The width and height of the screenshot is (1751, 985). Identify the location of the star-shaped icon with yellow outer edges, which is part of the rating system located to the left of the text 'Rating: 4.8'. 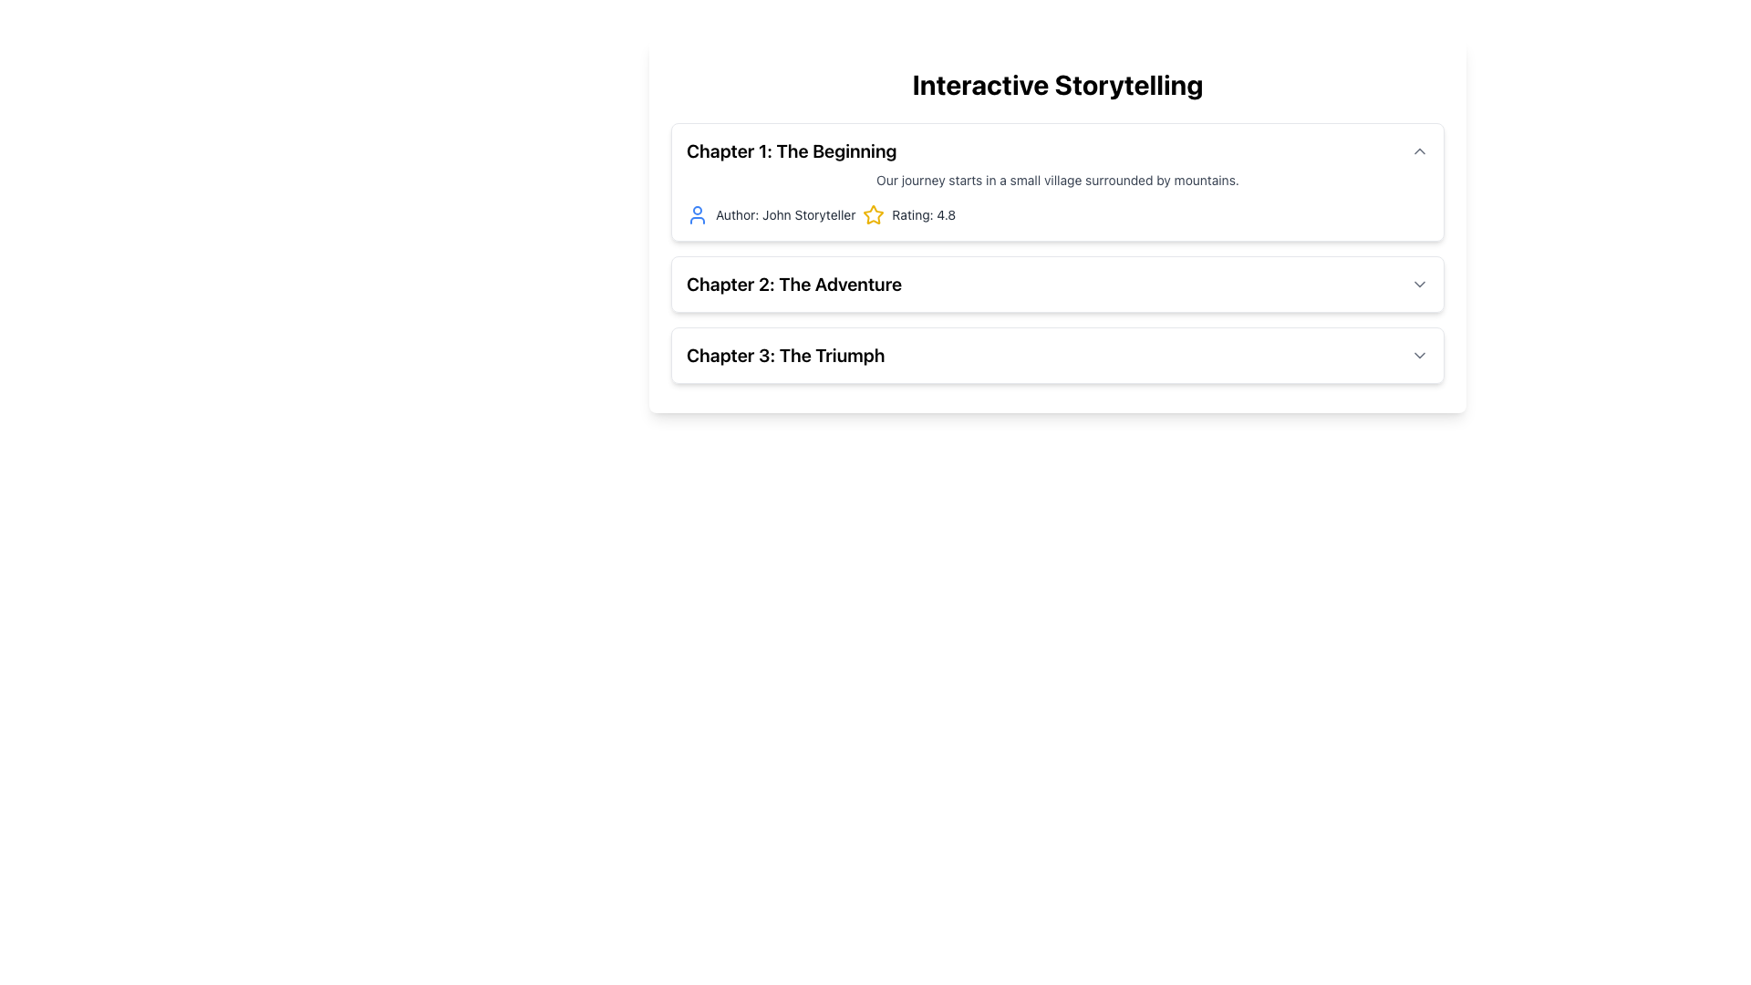
(873, 213).